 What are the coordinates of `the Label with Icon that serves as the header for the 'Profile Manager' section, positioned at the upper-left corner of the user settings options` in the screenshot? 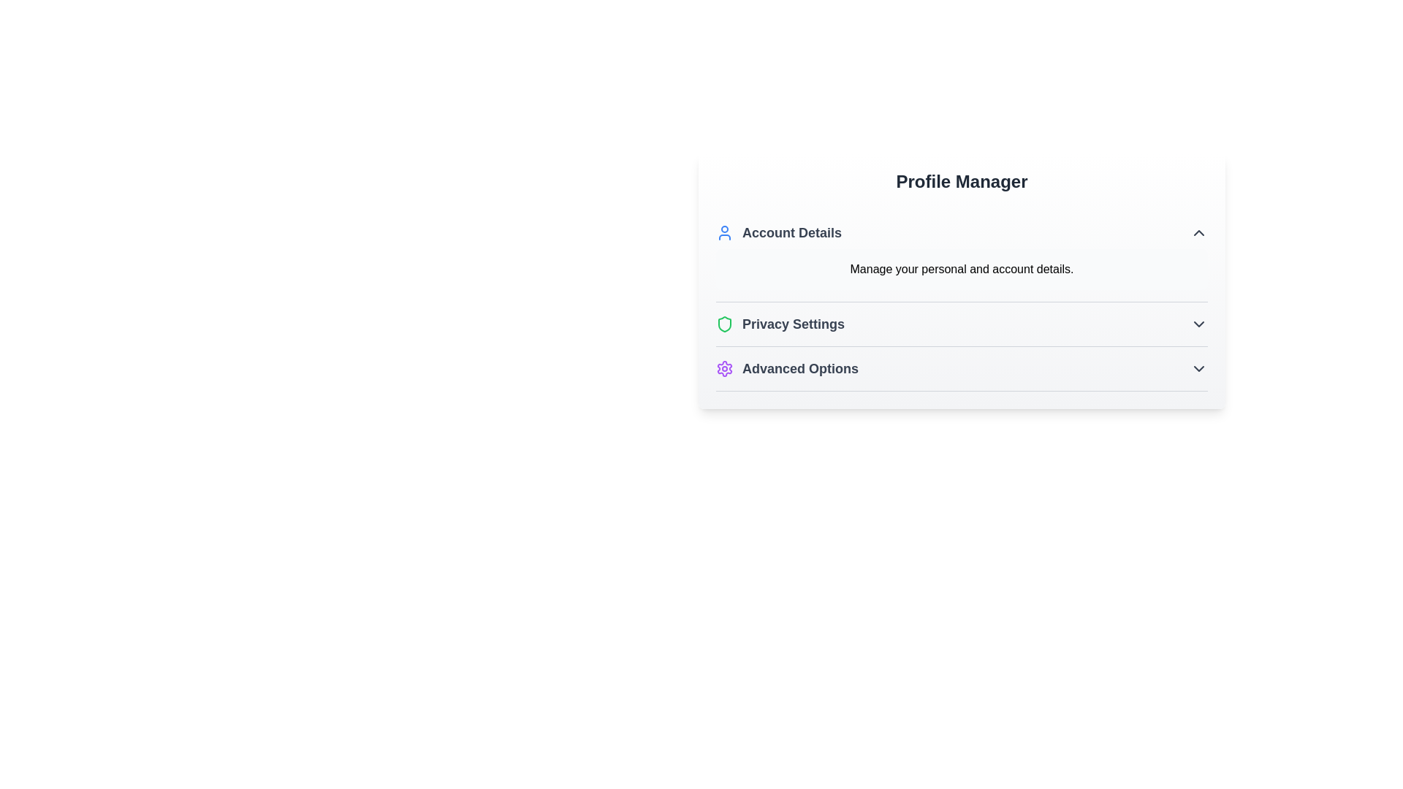 It's located at (777, 232).